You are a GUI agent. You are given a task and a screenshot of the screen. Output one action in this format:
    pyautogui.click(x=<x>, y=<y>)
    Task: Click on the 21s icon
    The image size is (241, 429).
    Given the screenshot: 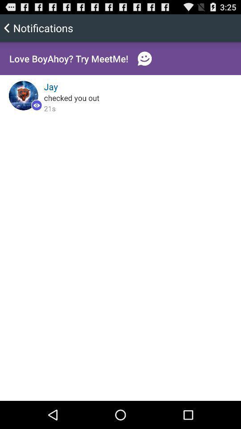 What is the action you would take?
    pyautogui.click(x=50, y=108)
    